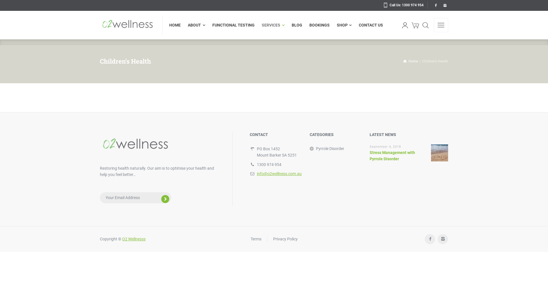 This screenshot has height=308, width=548. I want to click on 'SHOP', so click(344, 25).